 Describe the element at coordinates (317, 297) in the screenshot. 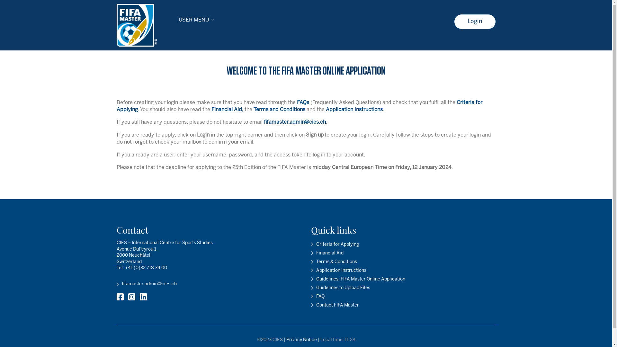

I see `'FAQ'` at that location.